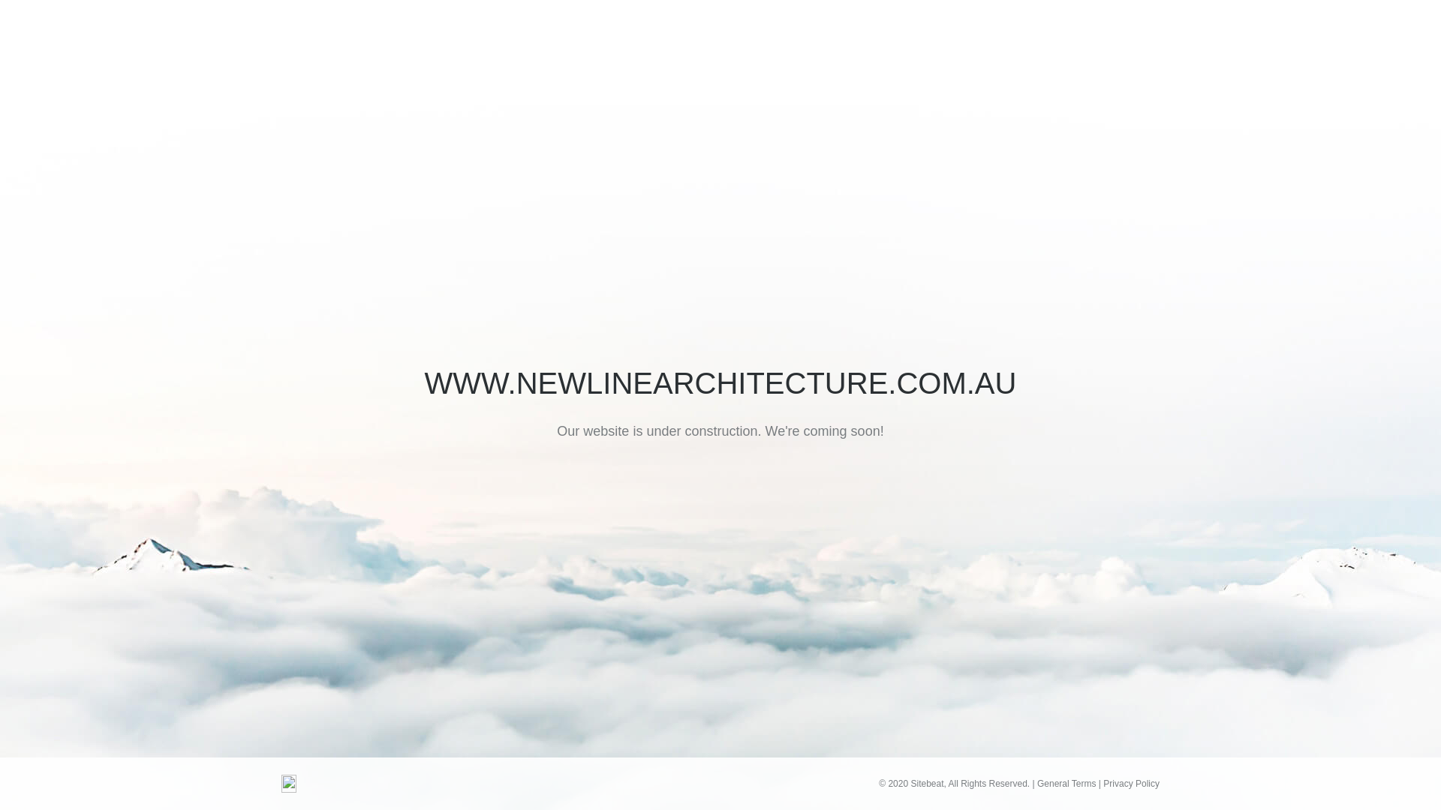 The image size is (1441, 810). I want to click on 'Privacy Policy', so click(1131, 783).